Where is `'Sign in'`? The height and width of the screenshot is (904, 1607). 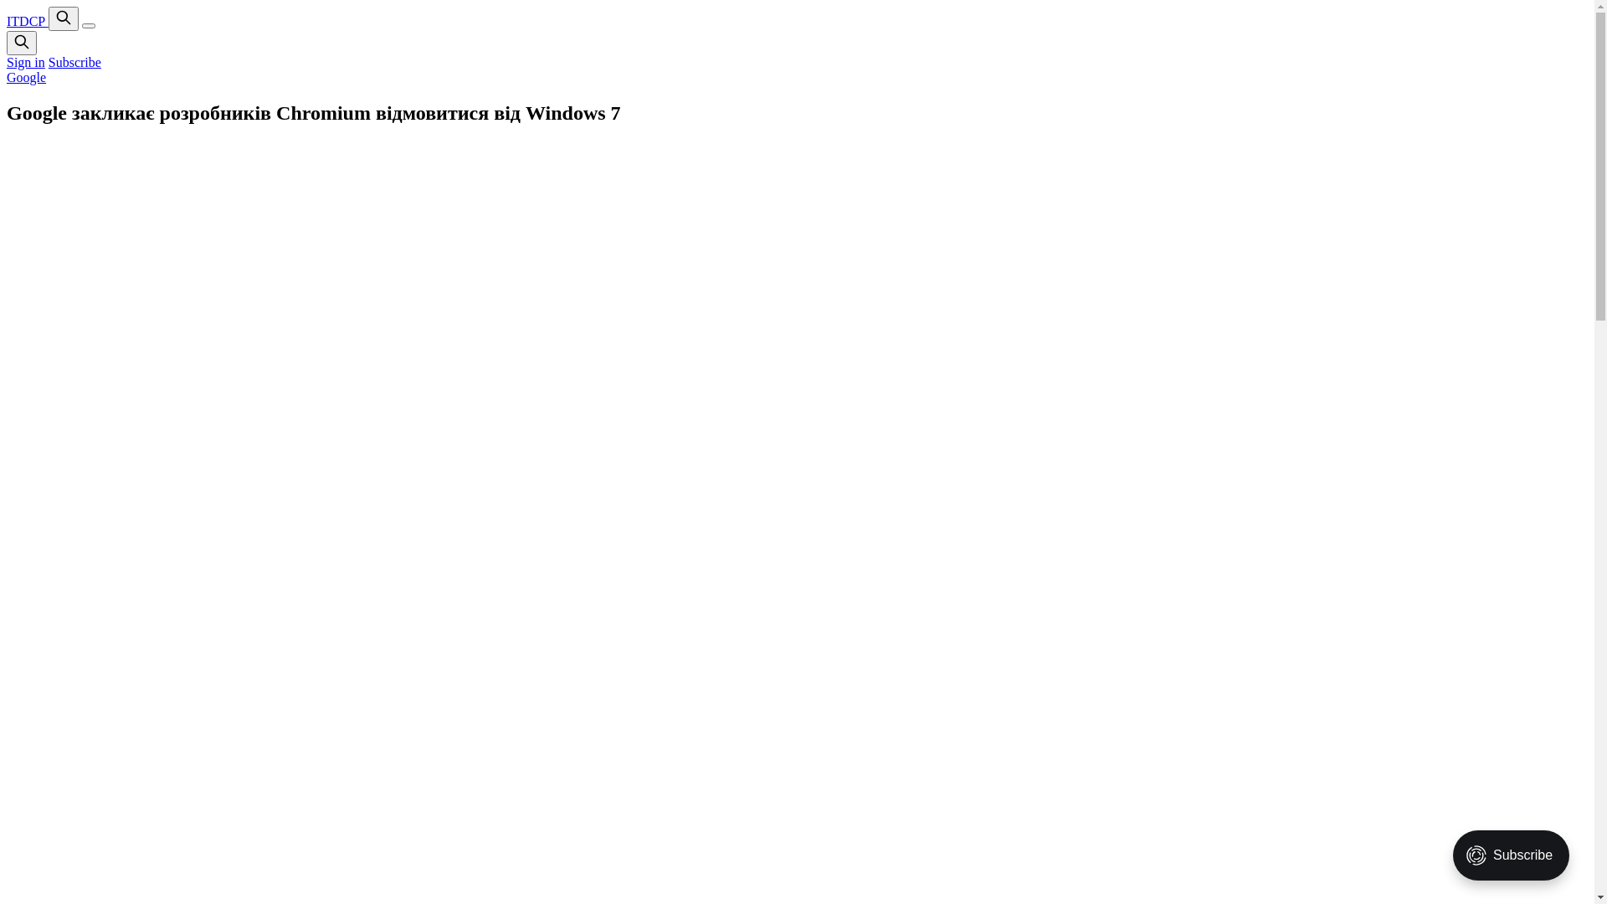 'Sign in' is located at coordinates (25, 61).